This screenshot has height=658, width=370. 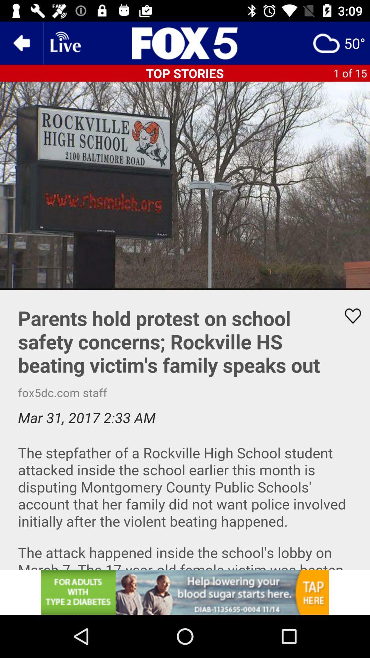 I want to click on previous button, so click(x=21, y=42).